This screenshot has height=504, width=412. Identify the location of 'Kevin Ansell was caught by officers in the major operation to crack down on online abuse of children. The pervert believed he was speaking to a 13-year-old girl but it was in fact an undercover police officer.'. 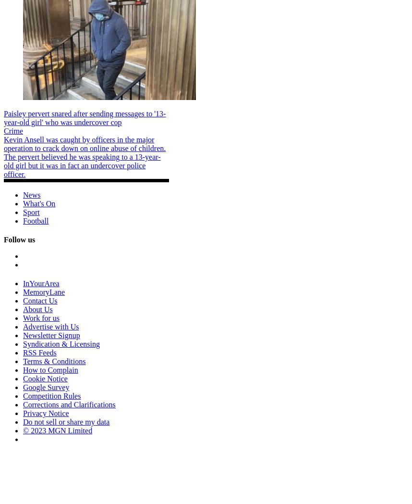
(85, 156).